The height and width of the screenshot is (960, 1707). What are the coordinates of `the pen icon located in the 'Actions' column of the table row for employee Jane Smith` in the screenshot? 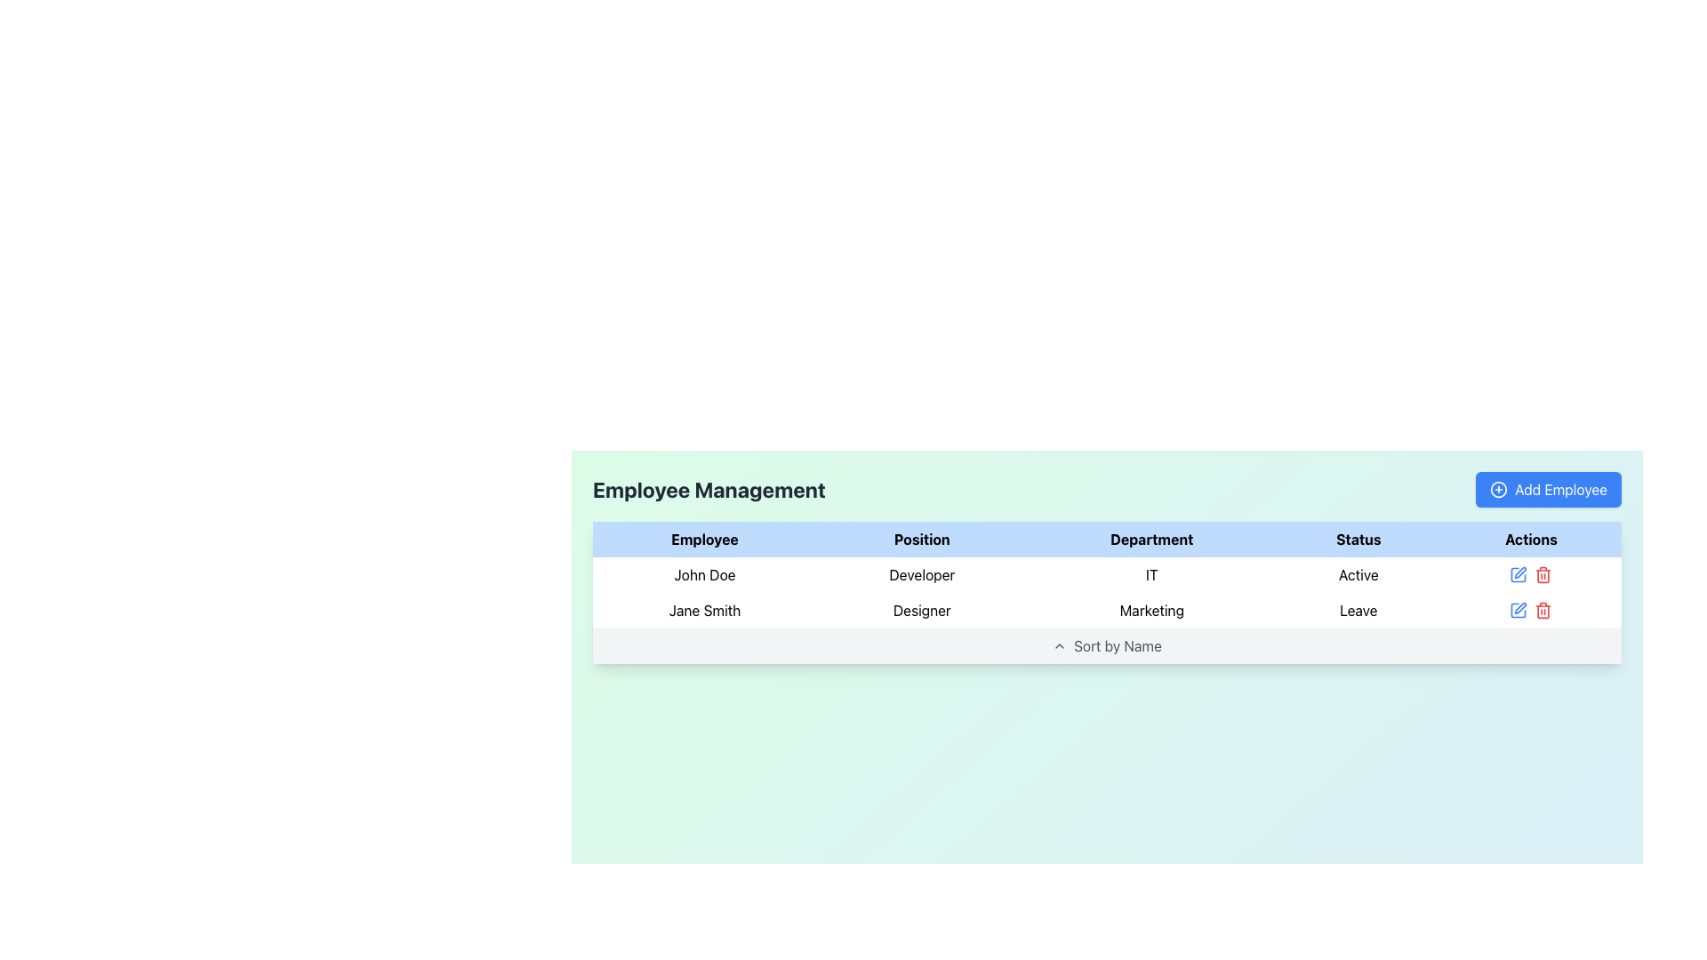 It's located at (1519, 572).